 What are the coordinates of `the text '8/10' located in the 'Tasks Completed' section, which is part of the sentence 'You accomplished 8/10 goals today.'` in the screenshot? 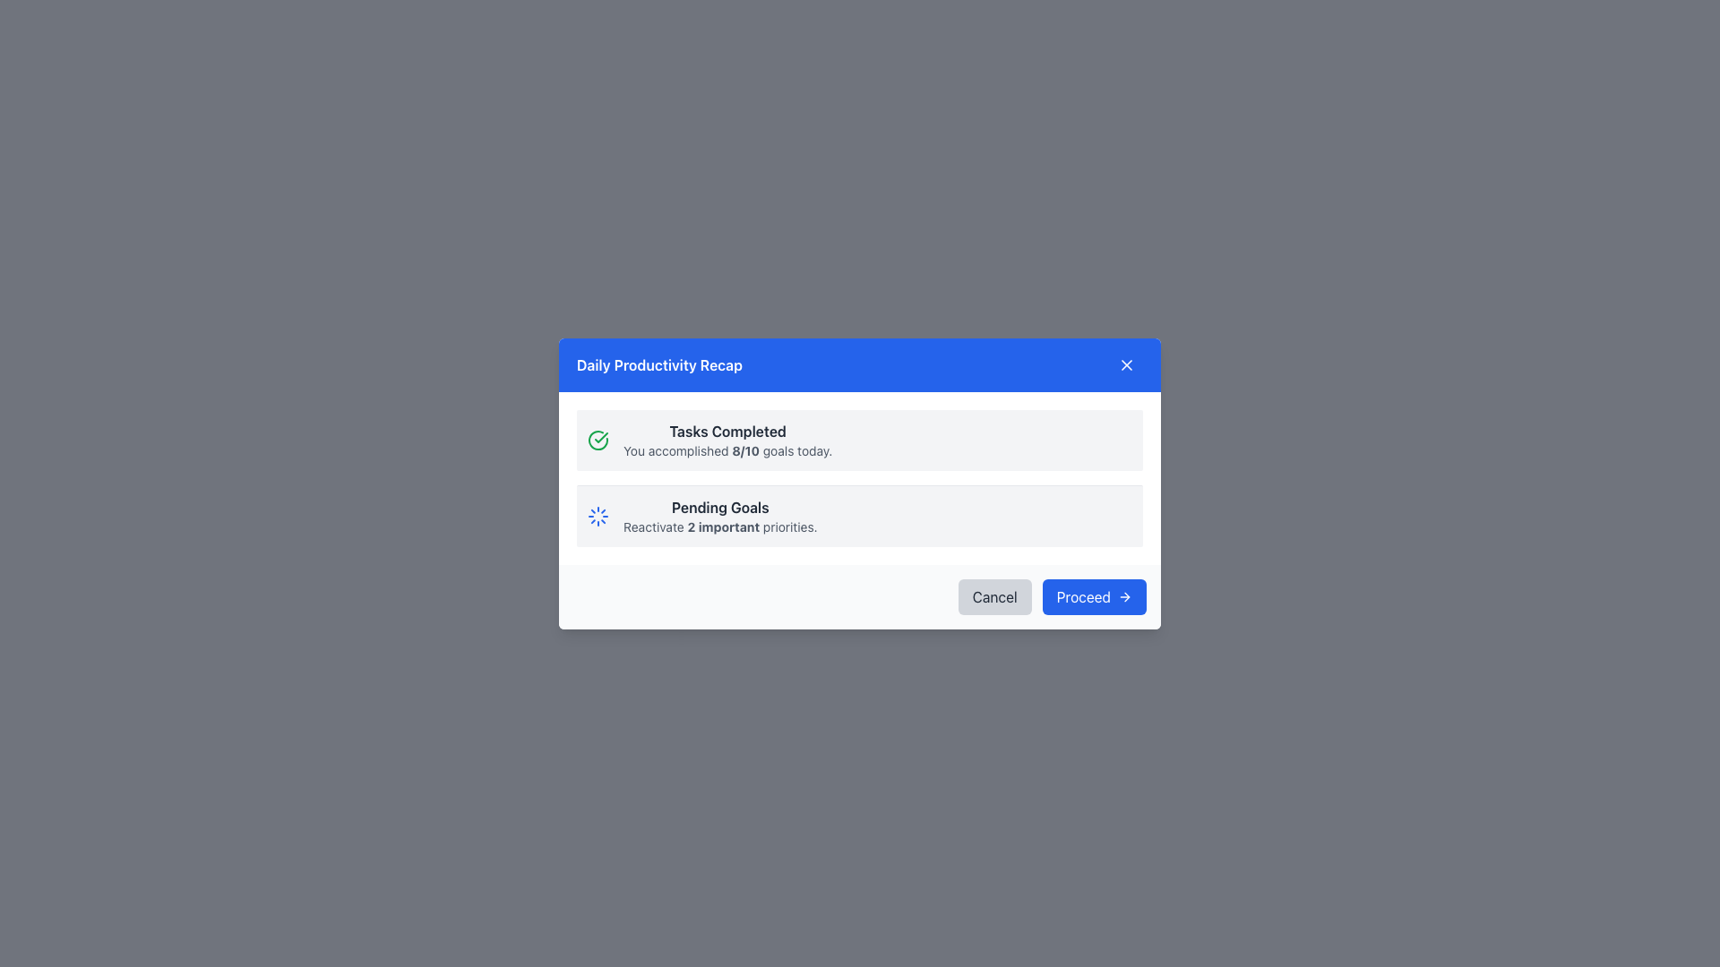 It's located at (745, 449).